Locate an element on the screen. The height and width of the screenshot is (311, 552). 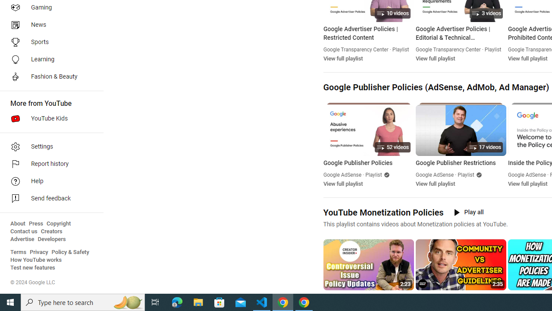
'Developers' is located at coordinates (51, 239).